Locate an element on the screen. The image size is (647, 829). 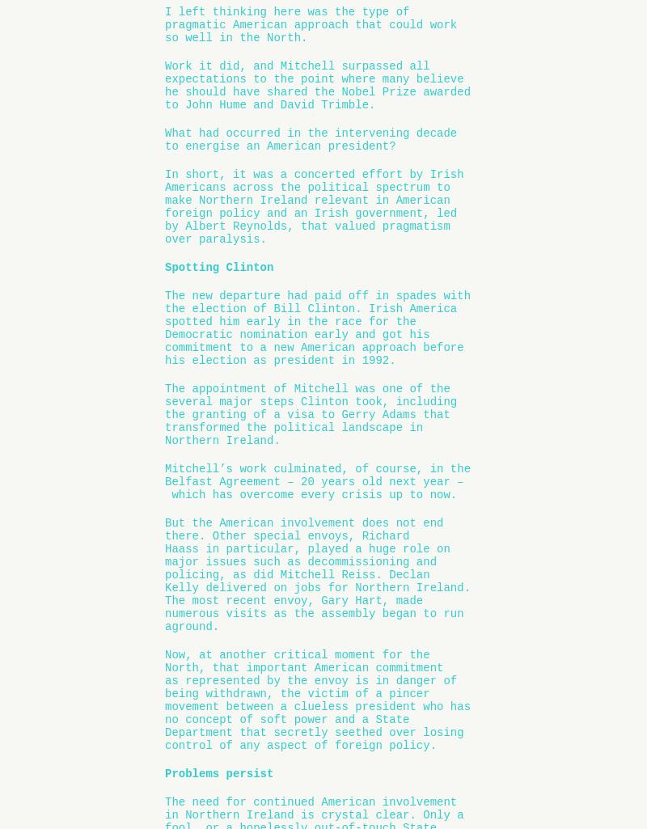
'Mitchell’s work culminated, of course, in the Belfast Agreement – 20 years old next year – which has overcome every crisis up to now.' is located at coordinates (317, 481).